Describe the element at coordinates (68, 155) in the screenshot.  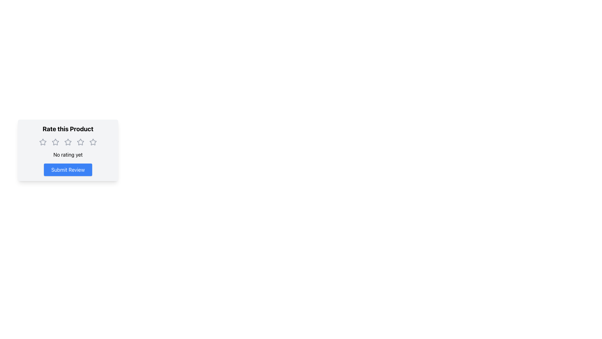
I see `the Static Text Label that displays the current status of ratings for the product, indicating no ratings have been provided yet, located within the 'Rate this Product' card layout` at that location.